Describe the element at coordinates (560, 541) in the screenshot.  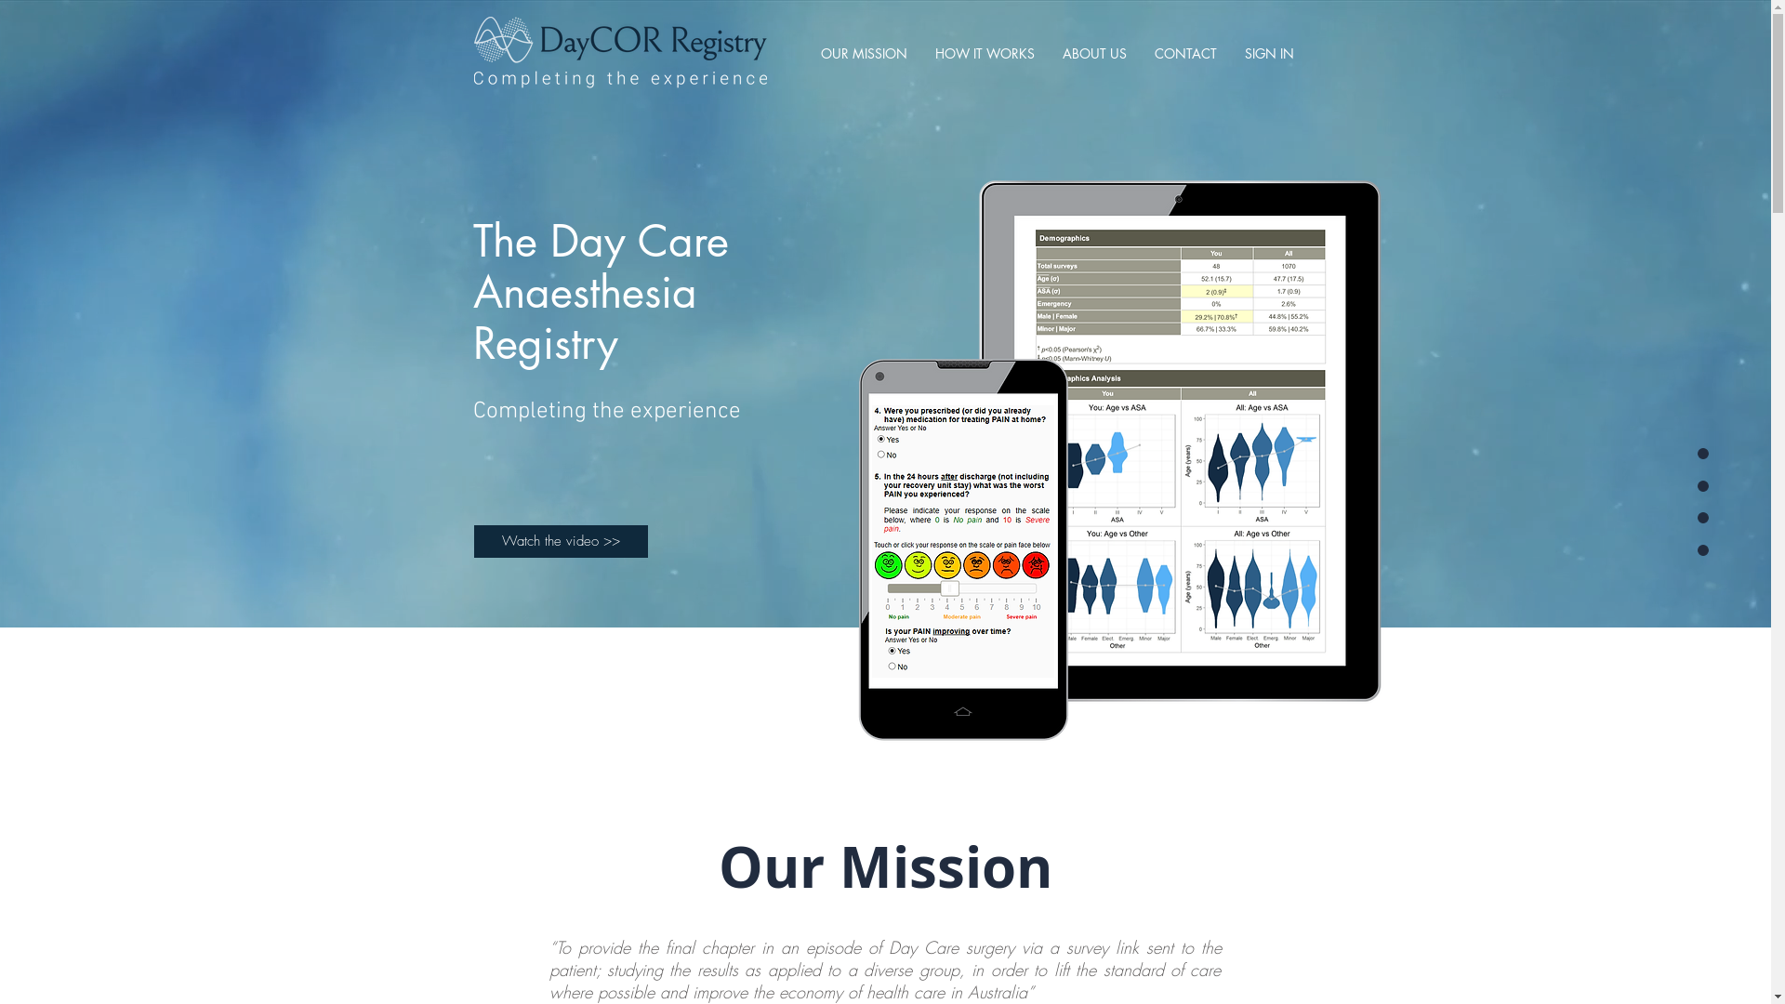
I see `'Watch the video >>'` at that location.